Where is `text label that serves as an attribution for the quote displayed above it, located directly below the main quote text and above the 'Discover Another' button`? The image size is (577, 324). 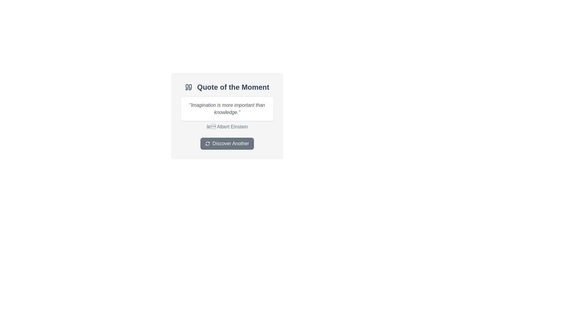 text label that serves as an attribution for the quote displayed above it, located directly below the main quote text and above the 'Discover Another' button is located at coordinates (227, 127).